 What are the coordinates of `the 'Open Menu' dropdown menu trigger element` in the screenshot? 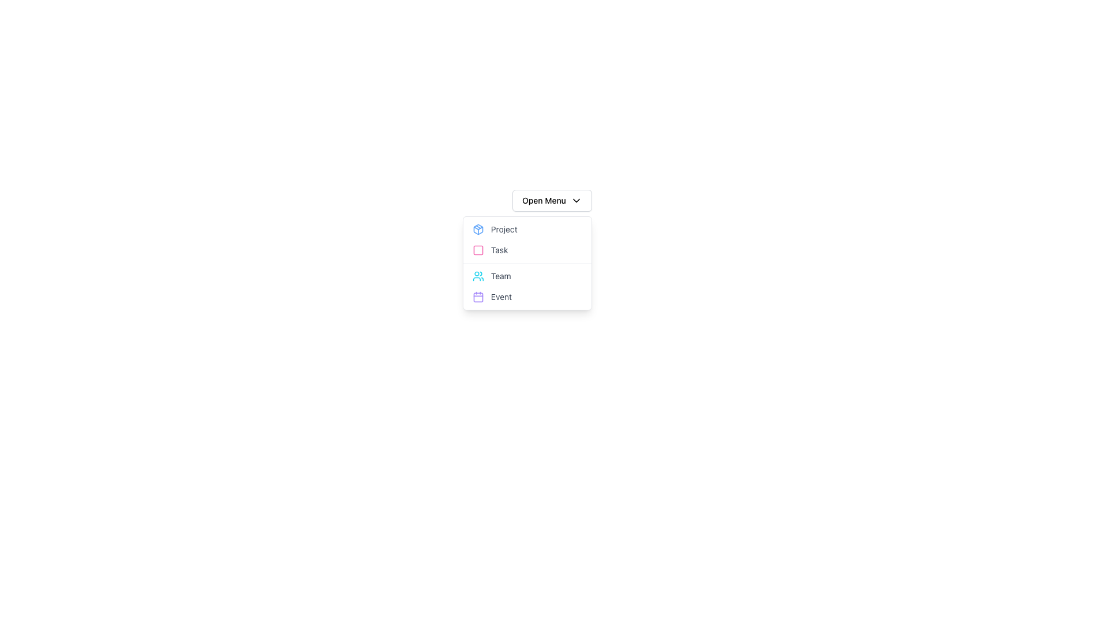 It's located at (551, 200).